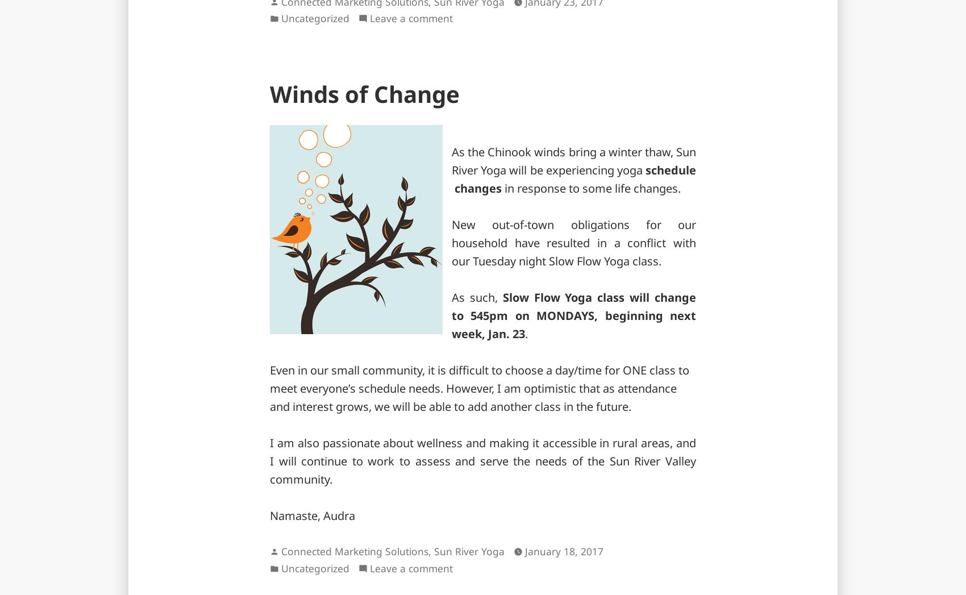 The width and height of the screenshot is (966, 595). What do you see at coordinates (573, 160) in the screenshot?
I see `'As the Chinook winds bring a winter thaw, Sun River Yoga will be experiencing yoga'` at bounding box center [573, 160].